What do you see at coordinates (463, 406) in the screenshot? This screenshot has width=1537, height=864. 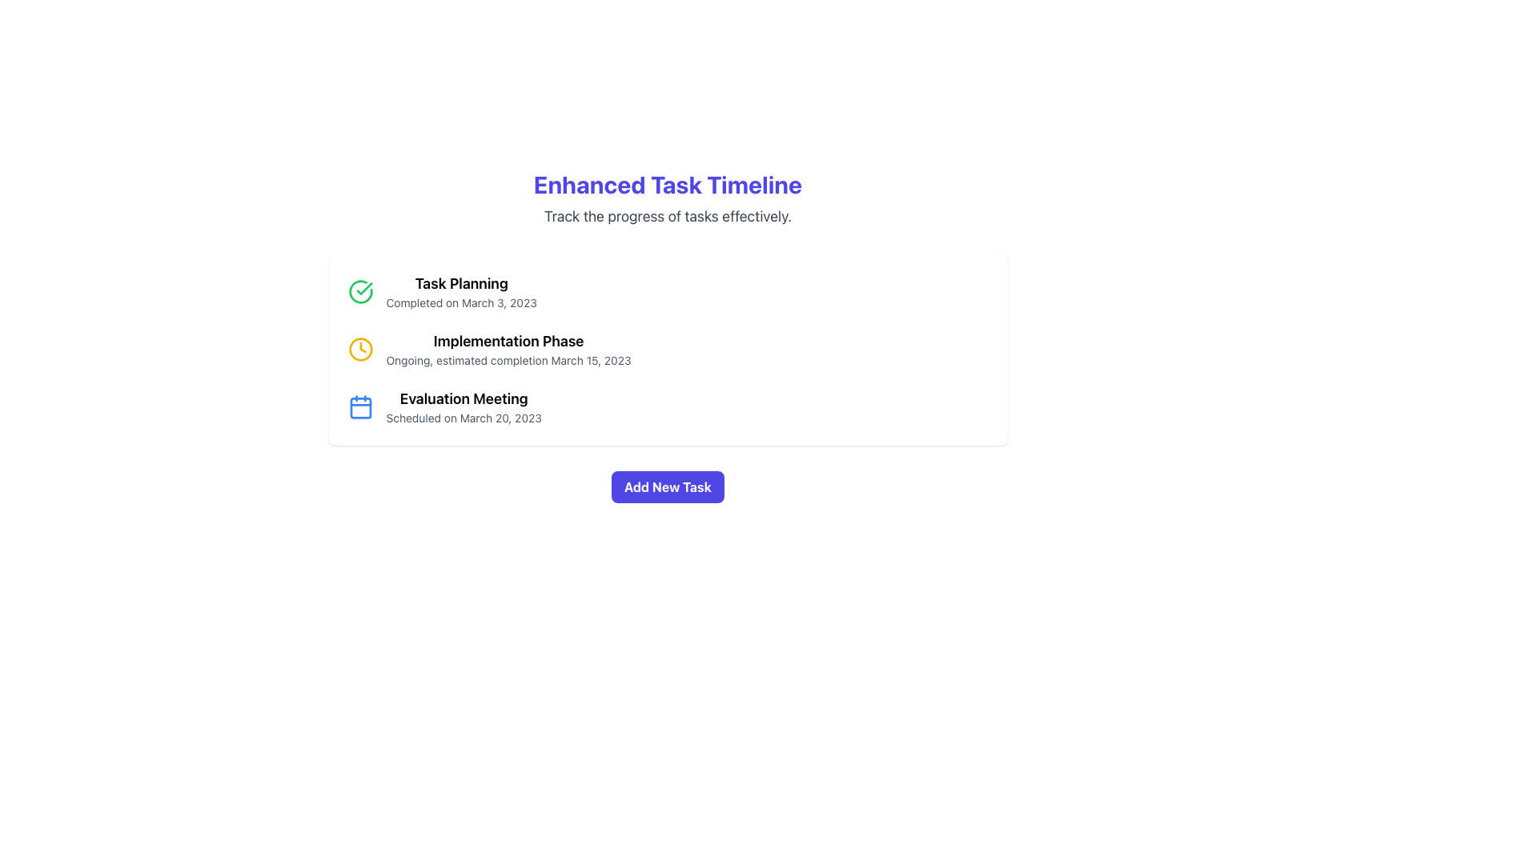 I see `text content of the 'Evaluation Meeting' task displayed in the text block, which is the third entry in the task list` at bounding box center [463, 406].